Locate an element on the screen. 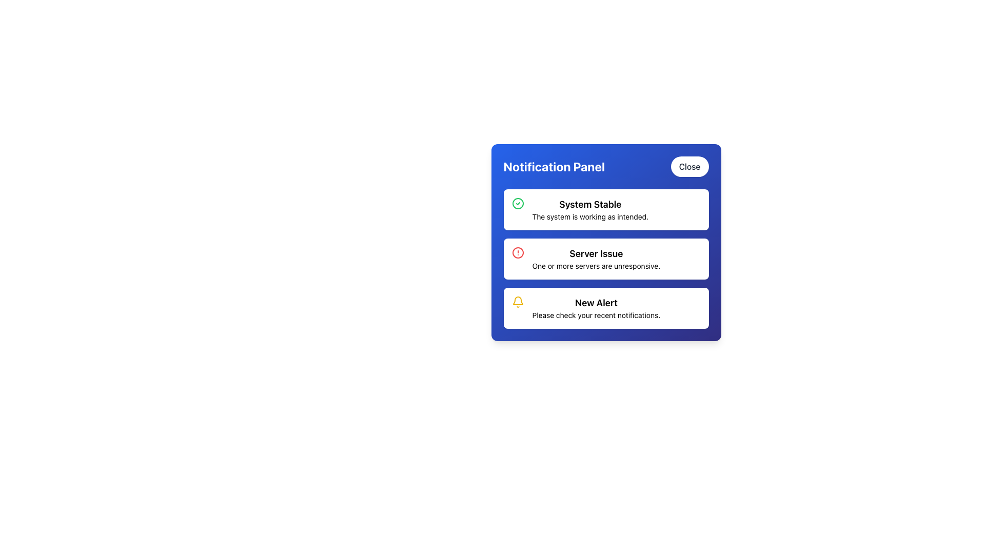 The image size is (985, 554). the 'Close' button located in the top-right corner of the notification panel header is located at coordinates (689, 166).